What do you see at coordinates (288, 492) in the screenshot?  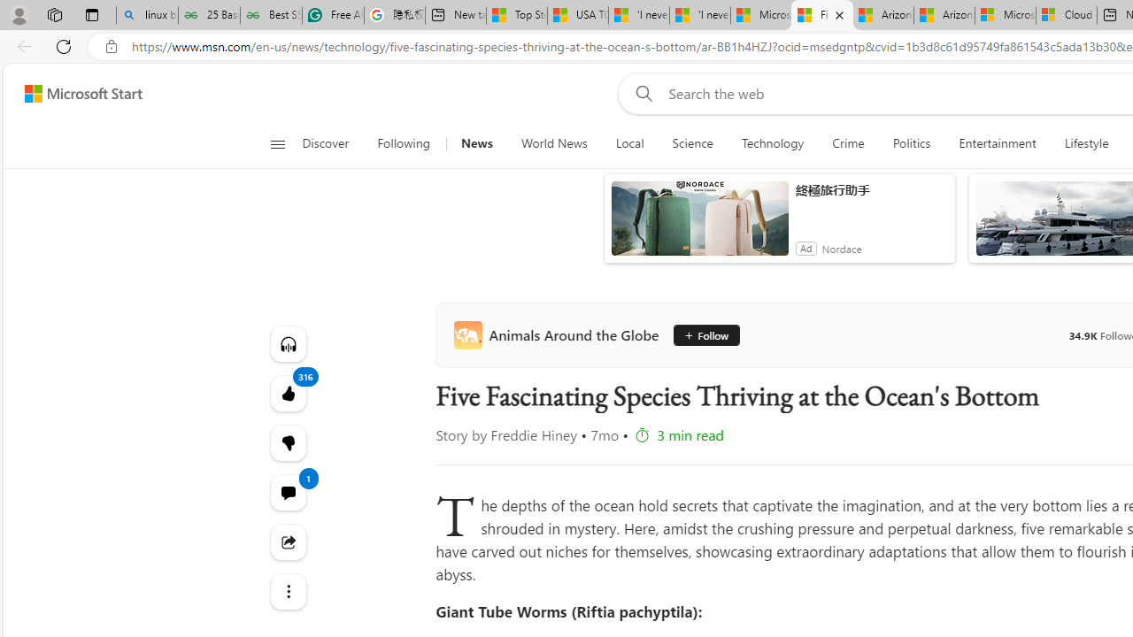 I see `'View comments 1 Comment'` at bounding box center [288, 492].